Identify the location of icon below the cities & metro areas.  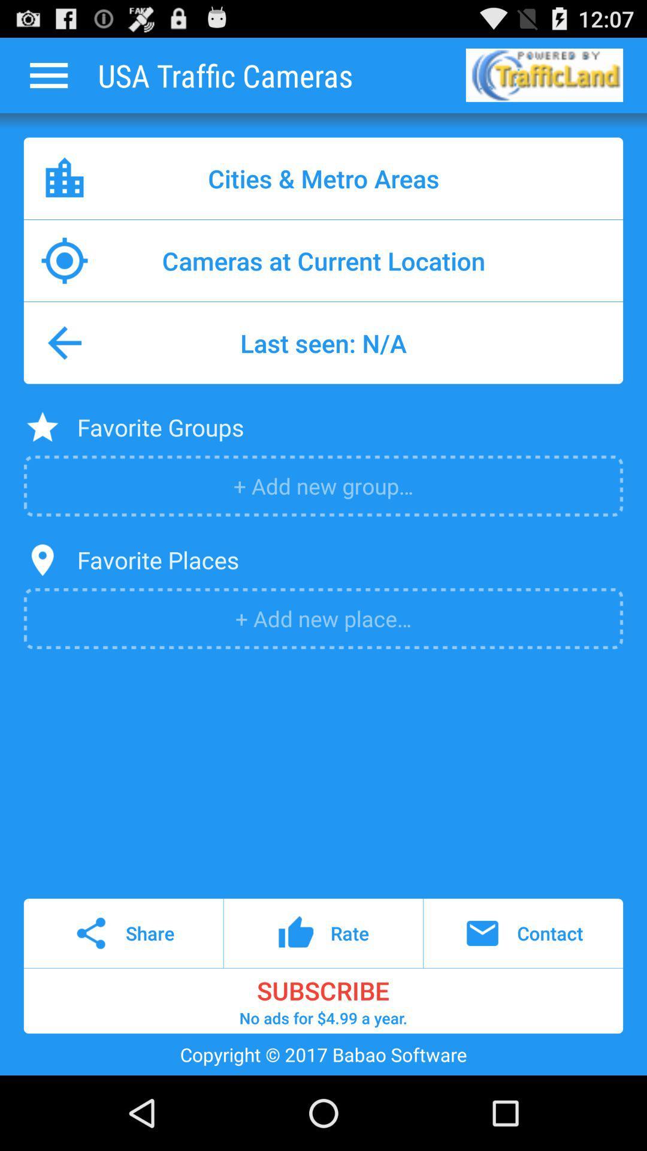
(323, 260).